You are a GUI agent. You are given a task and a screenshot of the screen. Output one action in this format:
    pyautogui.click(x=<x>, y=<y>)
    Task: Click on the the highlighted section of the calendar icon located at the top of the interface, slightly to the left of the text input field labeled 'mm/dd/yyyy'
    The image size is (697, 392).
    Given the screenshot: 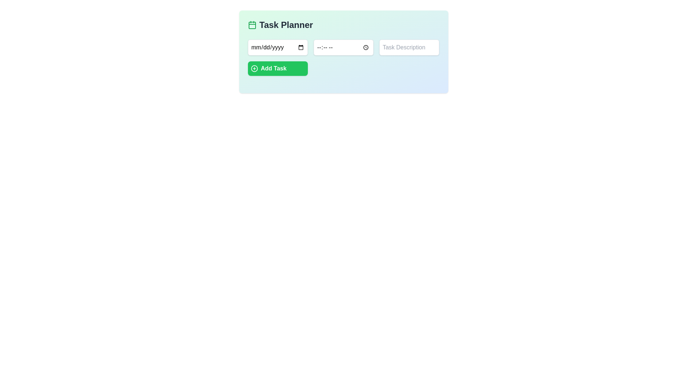 What is the action you would take?
    pyautogui.click(x=252, y=25)
    